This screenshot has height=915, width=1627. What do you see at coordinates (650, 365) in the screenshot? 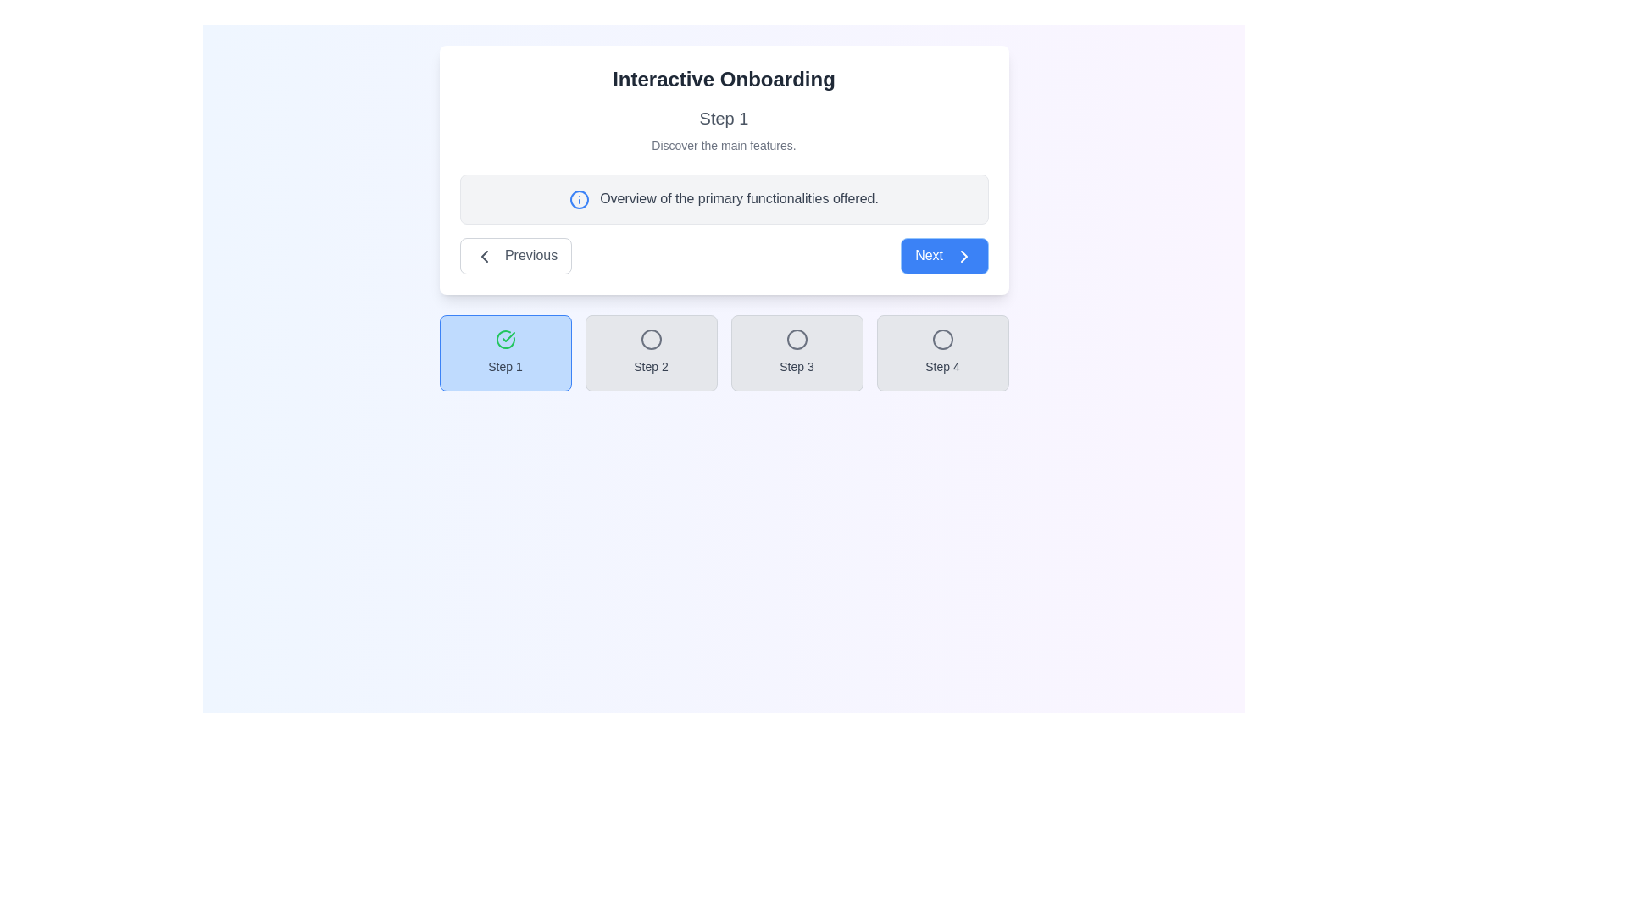
I see `the 'Step 2' text label, which provides information about the associated step in a sequence` at bounding box center [650, 365].